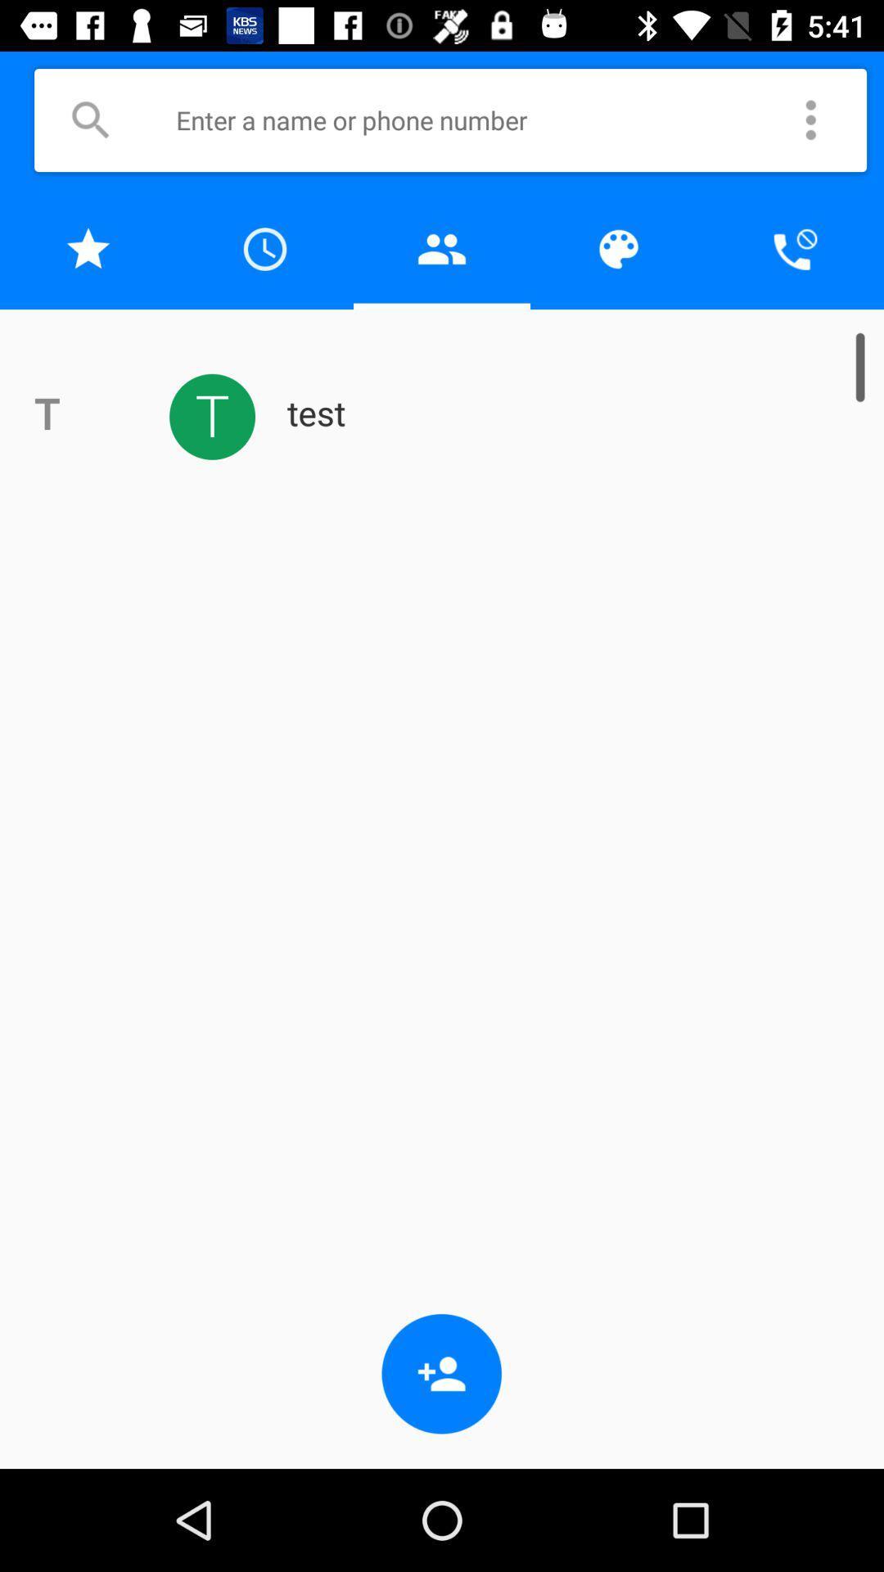 This screenshot has height=1572, width=884. I want to click on the app below test, so click(442, 1374).